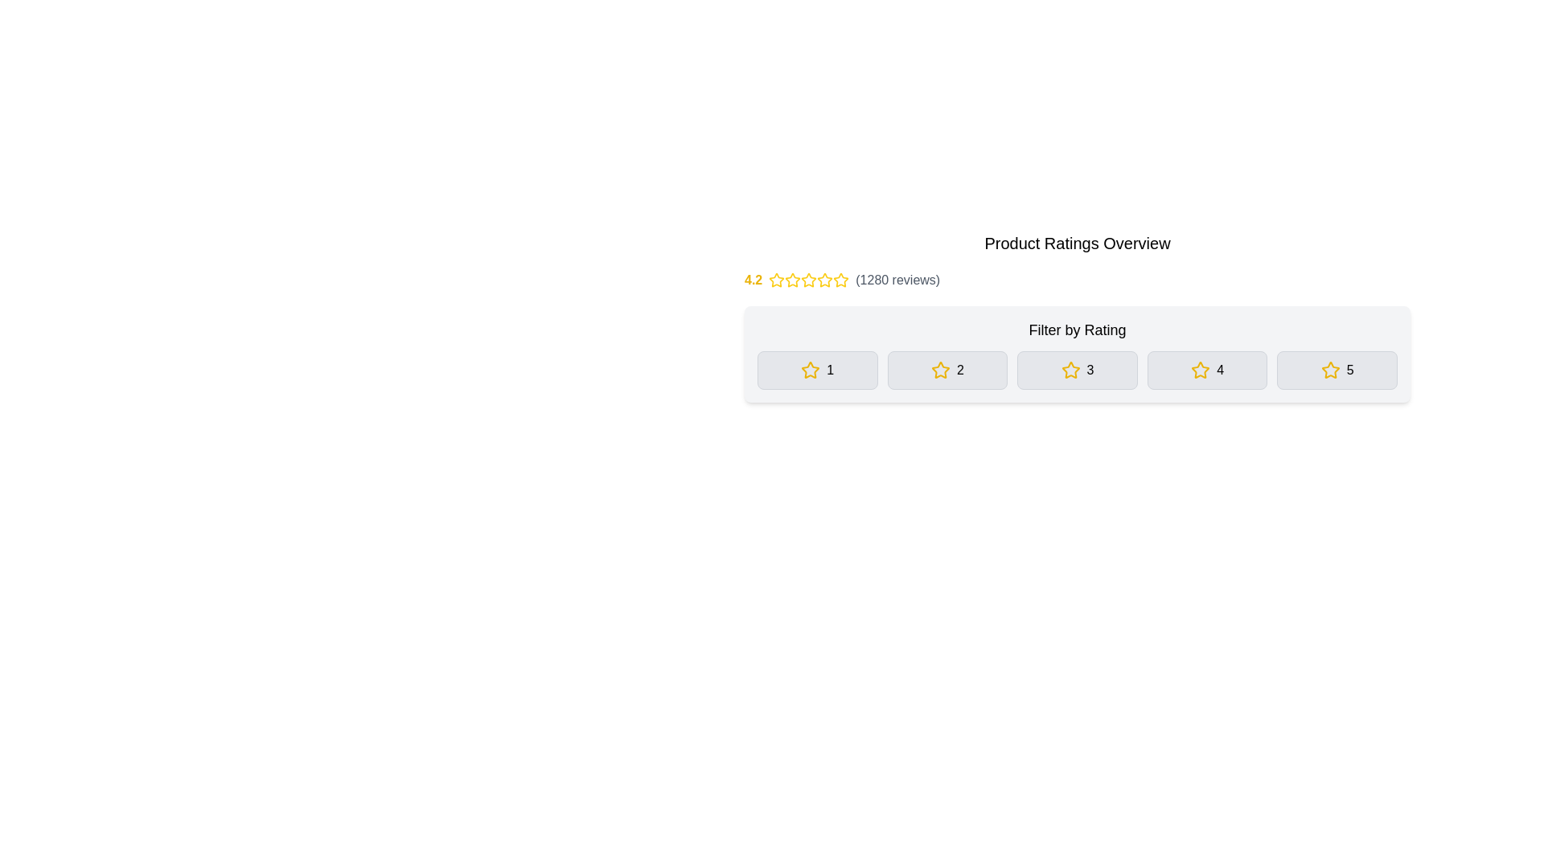 The width and height of the screenshot is (1544, 868). I want to click on the interactive button containing the number '3' and a filled yellow star icon, so click(1077, 371).